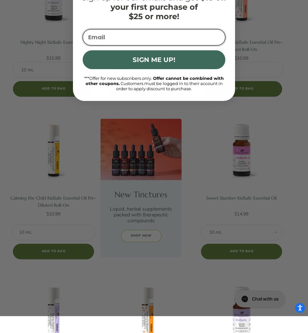  What do you see at coordinates (147, 103) in the screenshot?
I see `'100 mL
$47.99'` at bounding box center [147, 103].